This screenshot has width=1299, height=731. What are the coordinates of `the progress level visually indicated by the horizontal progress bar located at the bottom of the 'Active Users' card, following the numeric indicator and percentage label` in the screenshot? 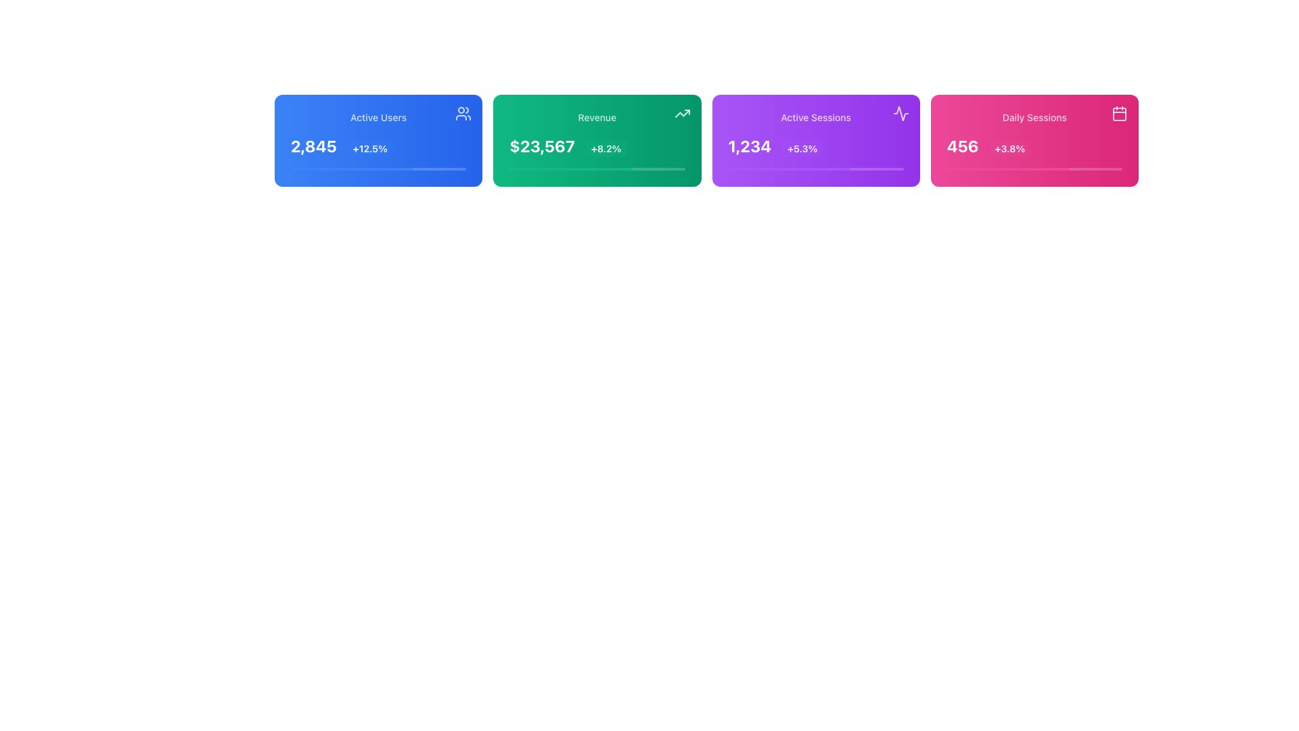 It's located at (378, 169).